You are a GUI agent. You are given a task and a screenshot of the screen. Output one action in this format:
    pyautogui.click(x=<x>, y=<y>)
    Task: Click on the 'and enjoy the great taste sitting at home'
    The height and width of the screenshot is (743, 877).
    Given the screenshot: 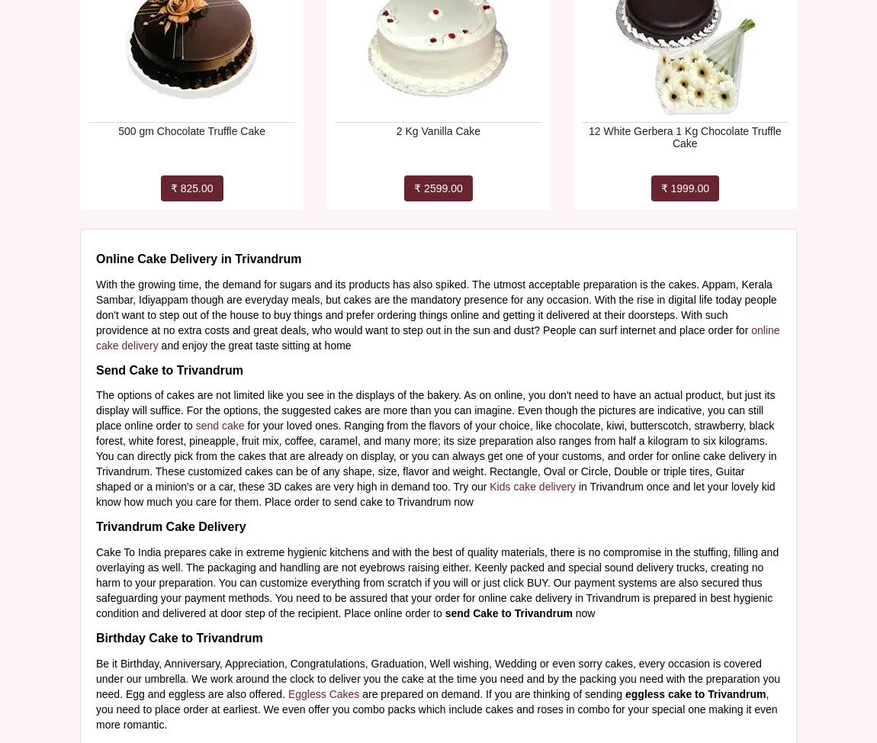 What is the action you would take?
    pyautogui.click(x=254, y=344)
    